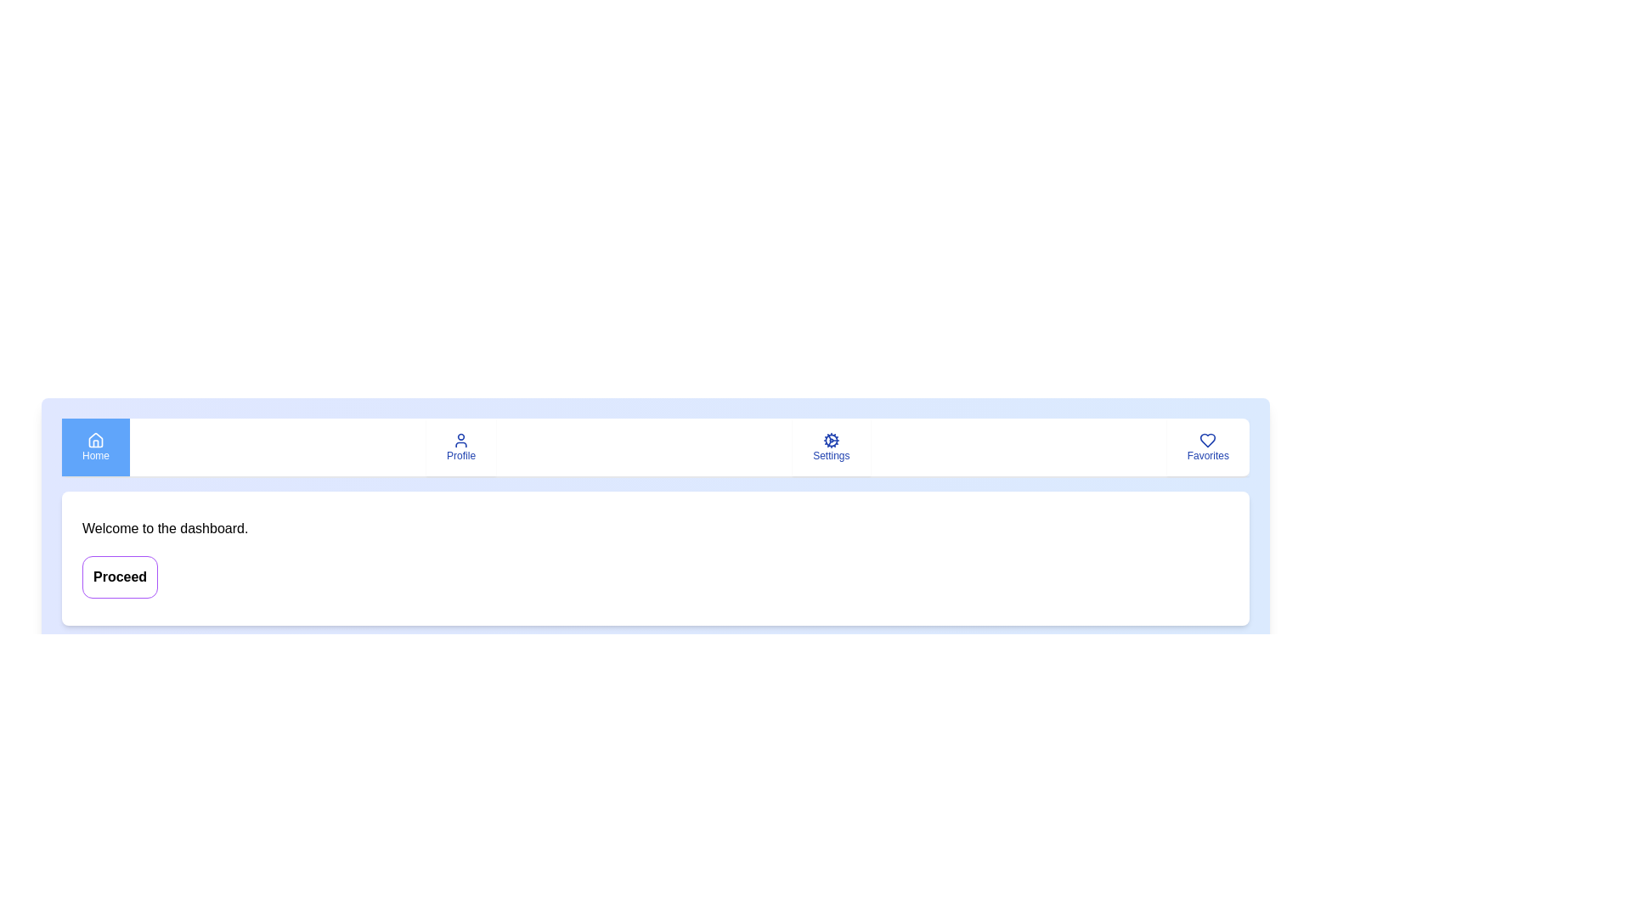 Image resolution: width=1631 pixels, height=917 pixels. I want to click on the tab button labeled Profile to observe its hover effect, so click(460, 447).